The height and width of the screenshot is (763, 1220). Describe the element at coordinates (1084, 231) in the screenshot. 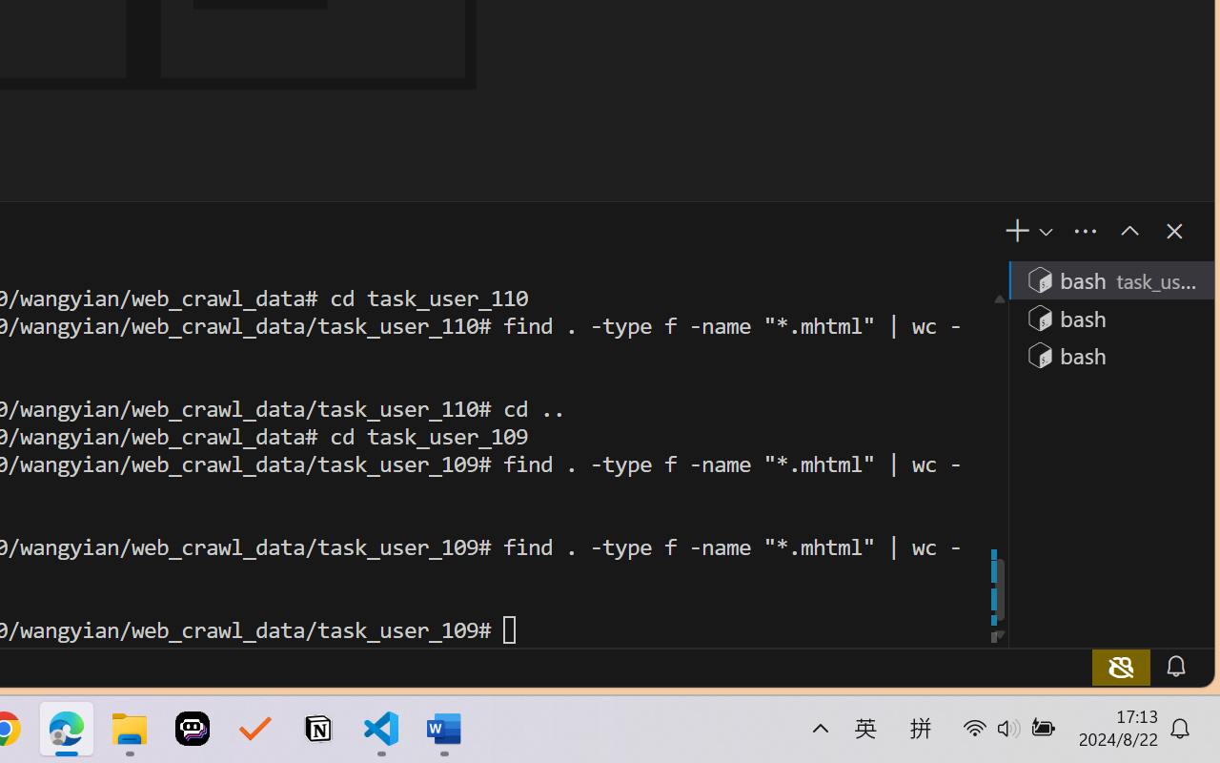

I see `'Views and More Actions...'` at that location.